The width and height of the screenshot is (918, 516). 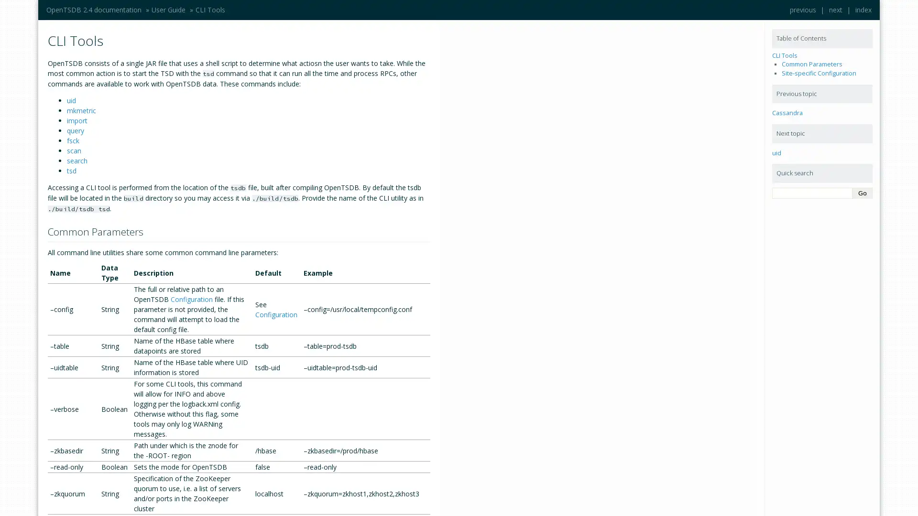 What do you see at coordinates (863, 193) in the screenshot?
I see `Go` at bounding box center [863, 193].